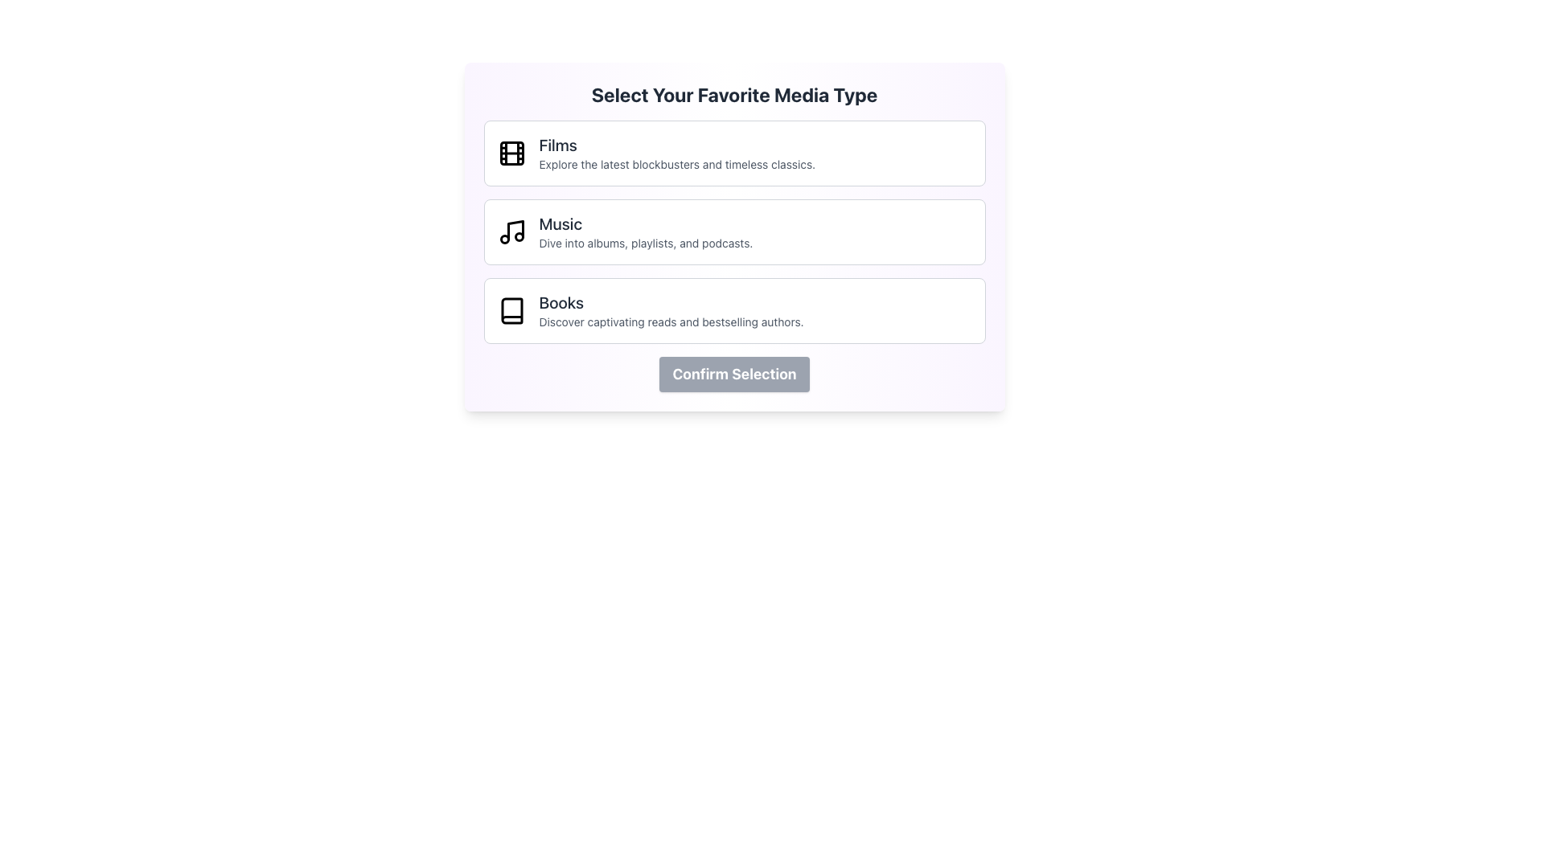 The height and width of the screenshot is (868, 1544). Describe the element at coordinates (519, 236) in the screenshot. I see `the small black circle, which is the second circle in the music icon located in the 'Music' section of the menu` at that location.